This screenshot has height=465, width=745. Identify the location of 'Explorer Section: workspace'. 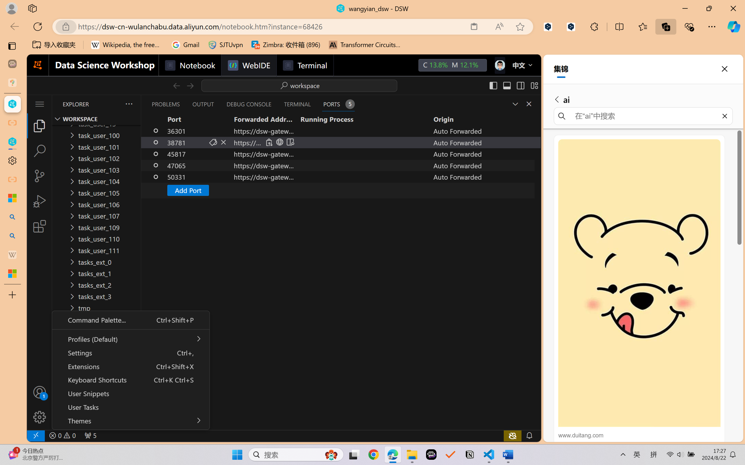
(96, 119).